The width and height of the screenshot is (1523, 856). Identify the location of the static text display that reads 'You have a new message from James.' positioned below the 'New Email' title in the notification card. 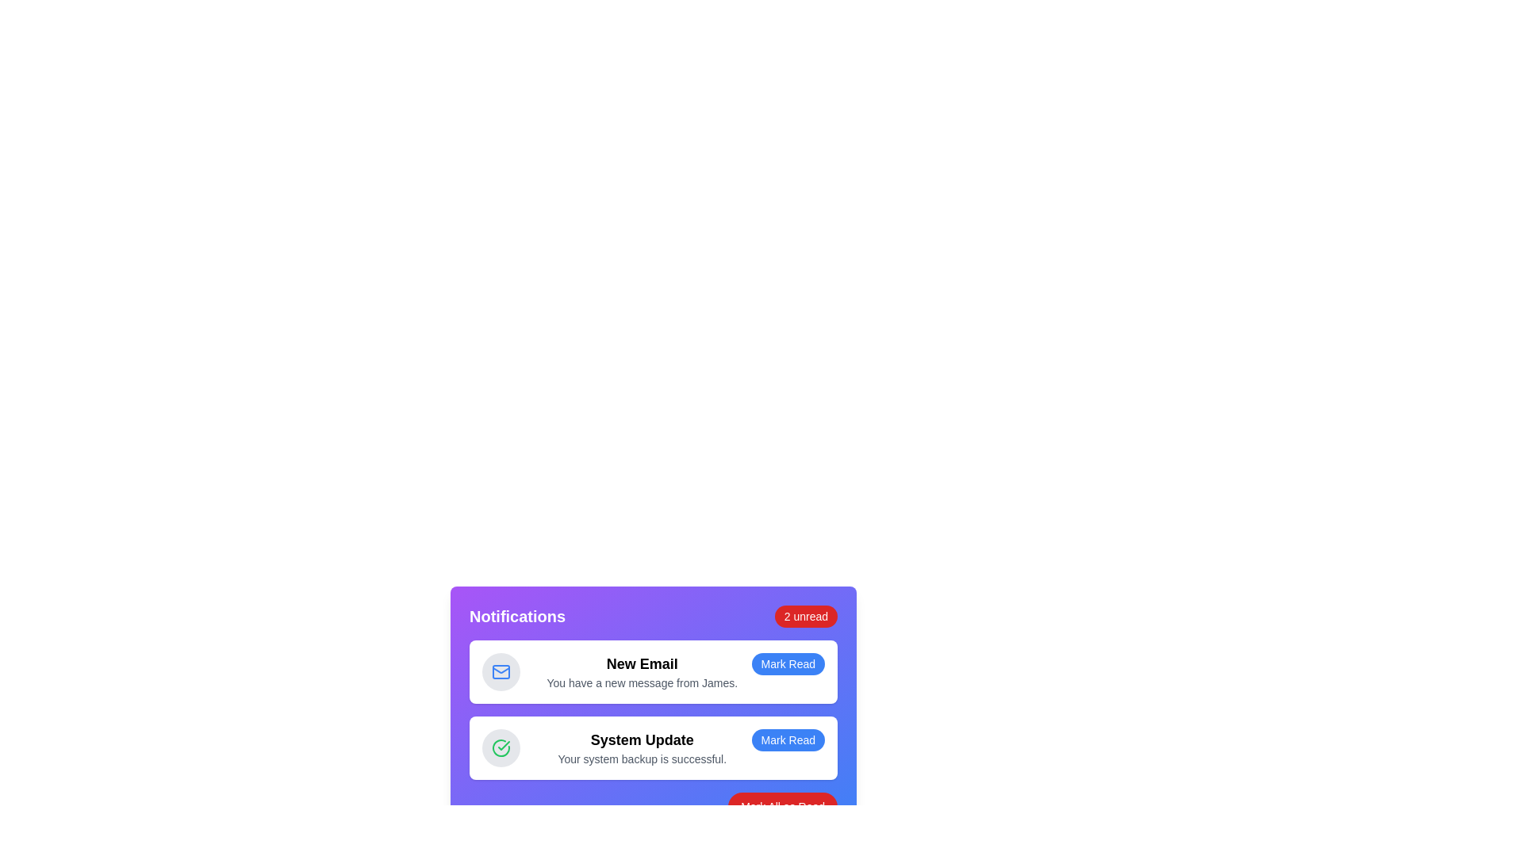
(642, 682).